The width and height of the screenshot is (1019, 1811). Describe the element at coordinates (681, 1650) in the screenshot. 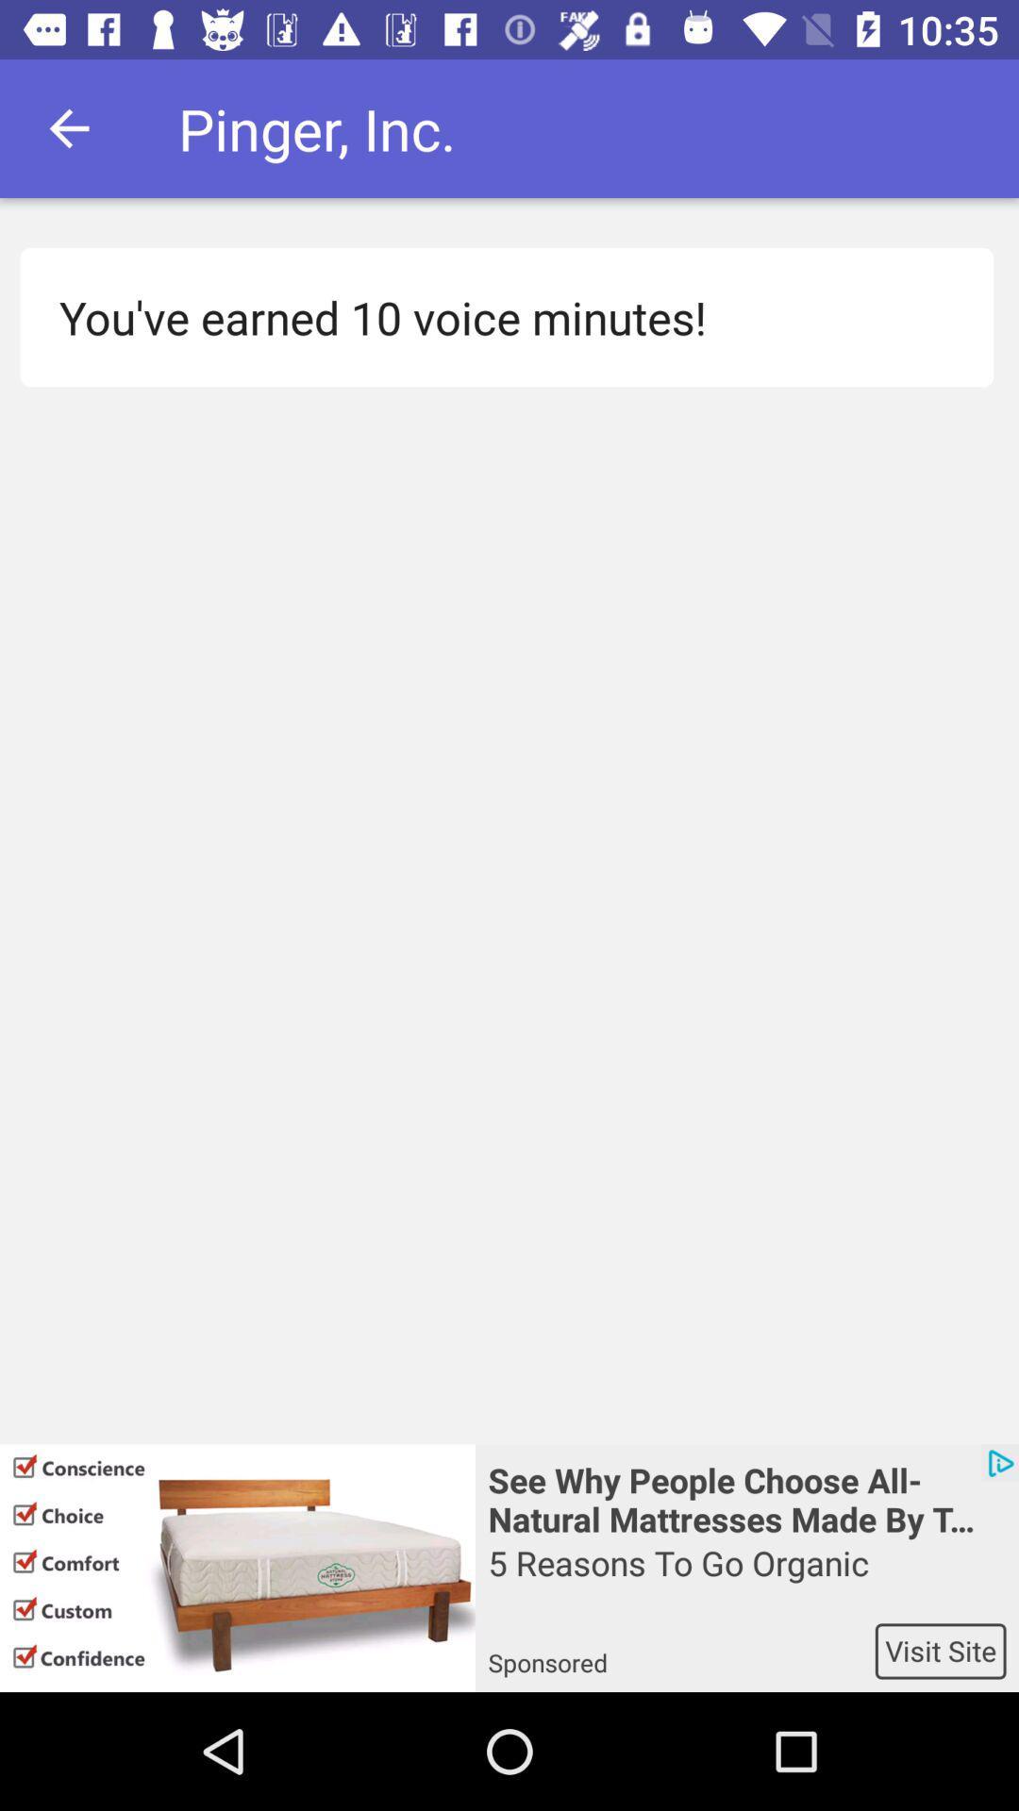

I see `app to the left of visit site item` at that location.